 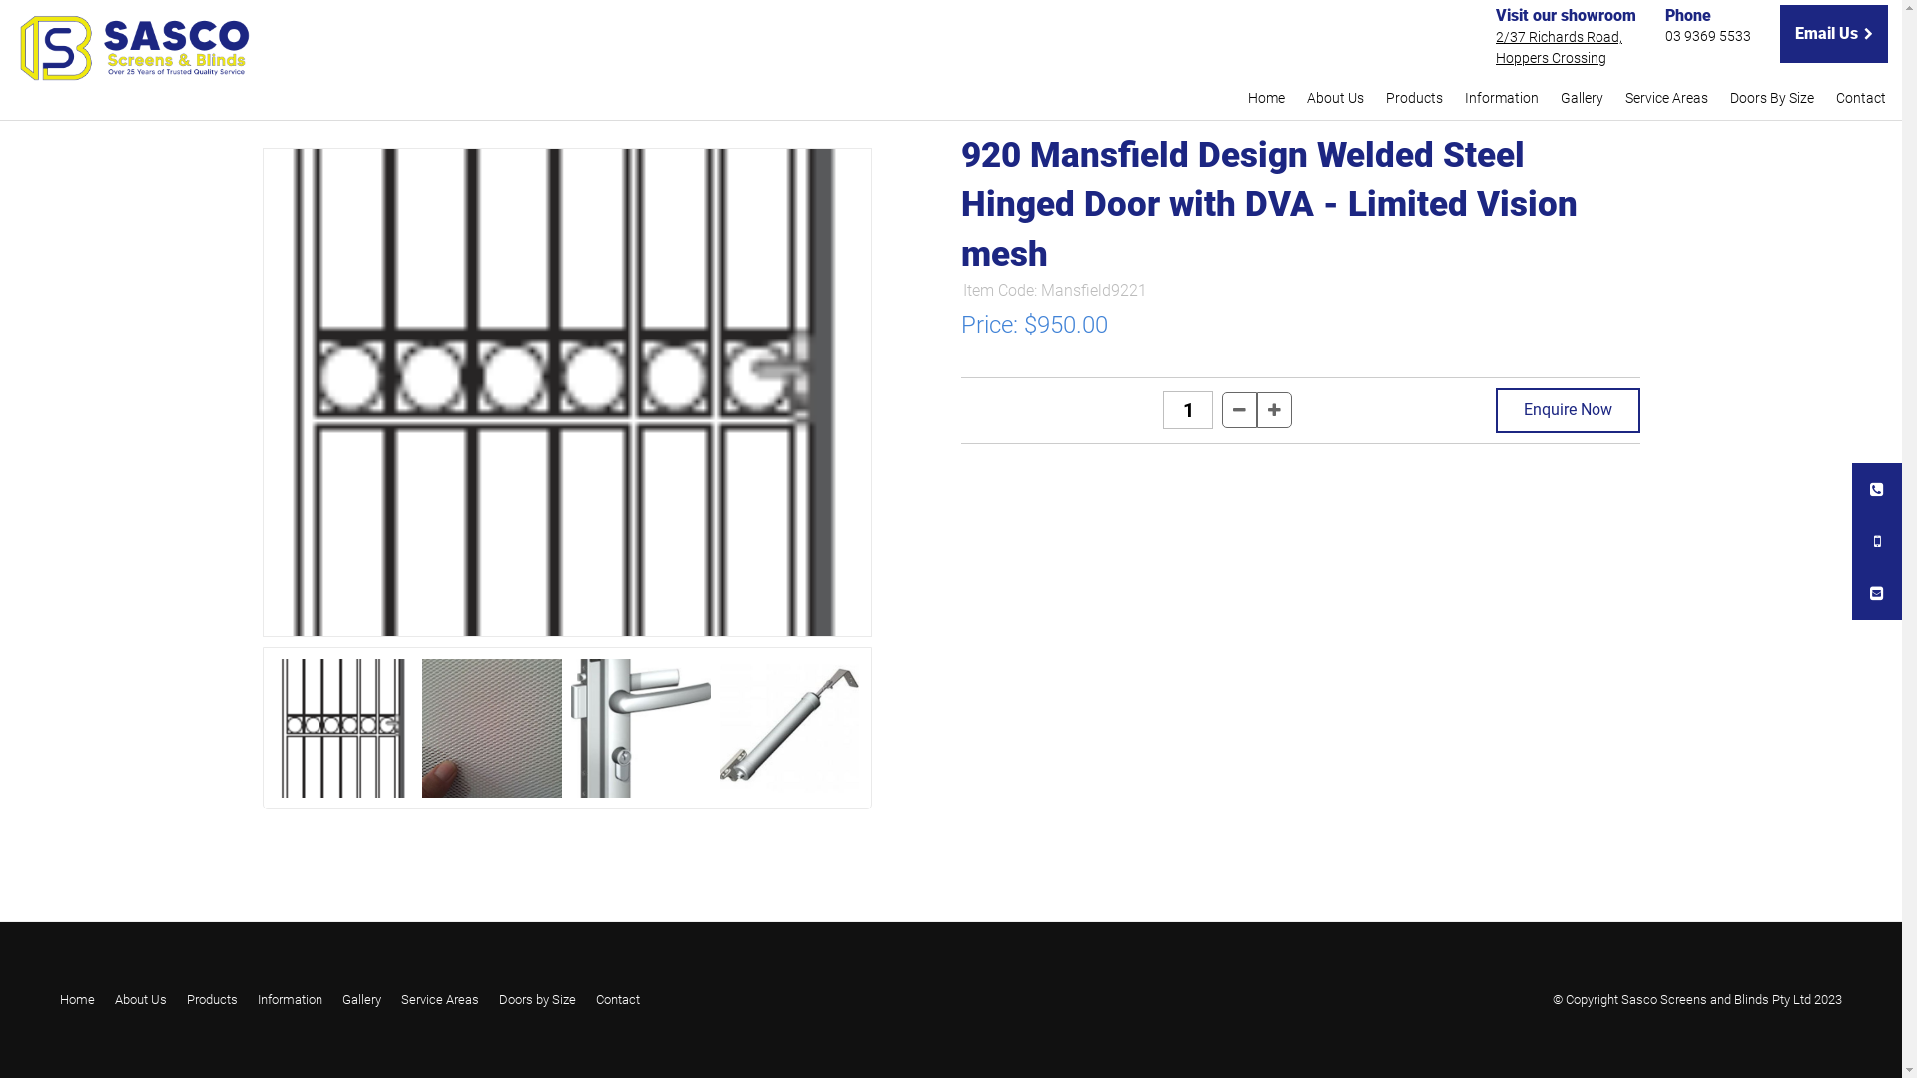 What do you see at coordinates (1581, 98) in the screenshot?
I see `'Gallery'` at bounding box center [1581, 98].